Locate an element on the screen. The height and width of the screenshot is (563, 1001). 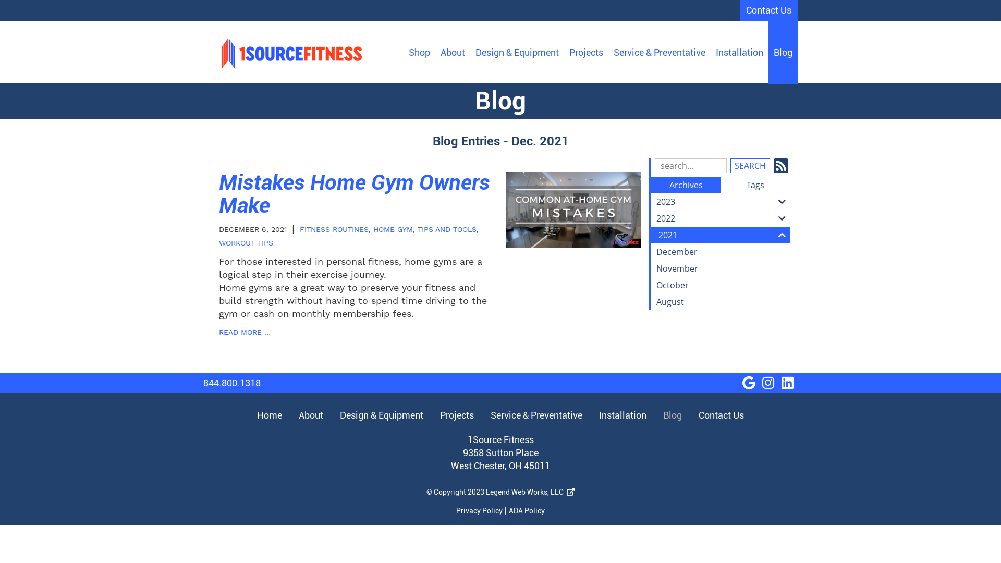
'November' is located at coordinates (650, 268).